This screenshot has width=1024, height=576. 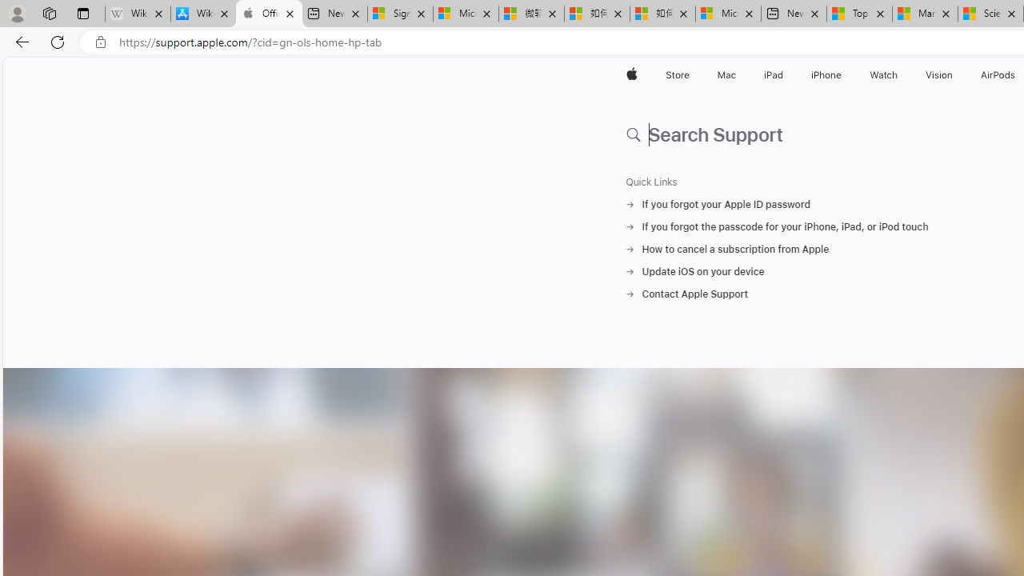 I want to click on 'AirPods', so click(x=998, y=74).